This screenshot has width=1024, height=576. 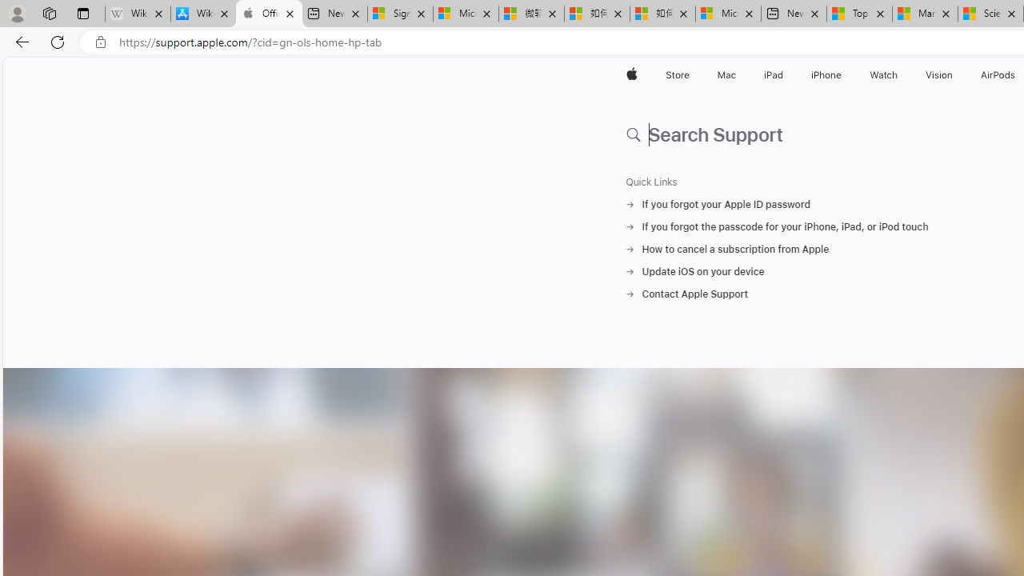 I want to click on 'AirPods', so click(x=998, y=74).